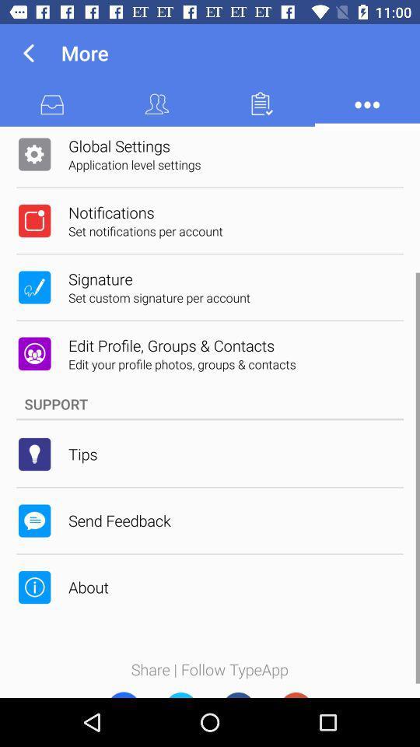 This screenshot has height=747, width=420. What do you see at coordinates (210, 403) in the screenshot?
I see `support item` at bounding box center [210, 403].